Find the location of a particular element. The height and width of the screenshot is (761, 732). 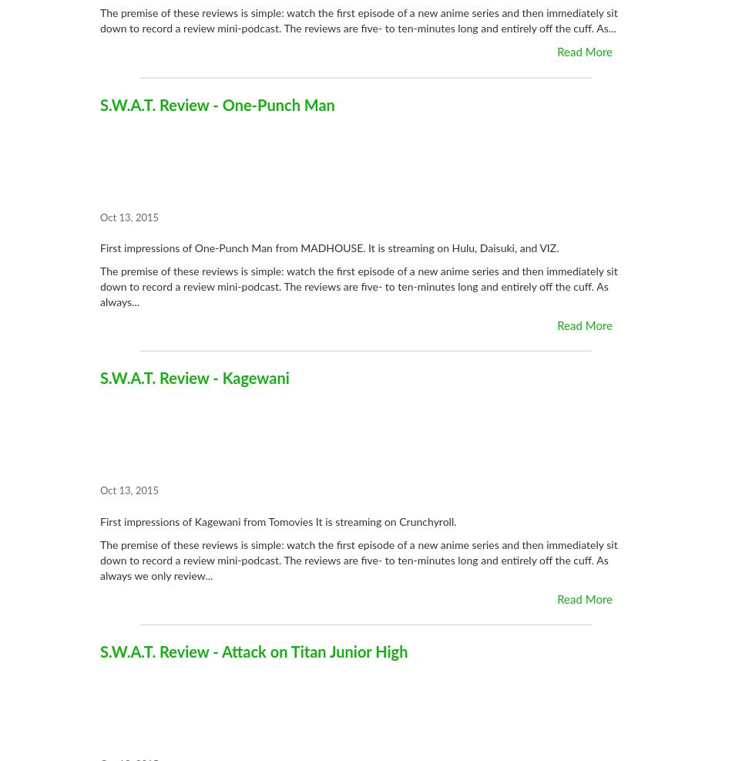

'S.W.A.T. Review - One-Punch Man' is located at coordinates (99, 105).